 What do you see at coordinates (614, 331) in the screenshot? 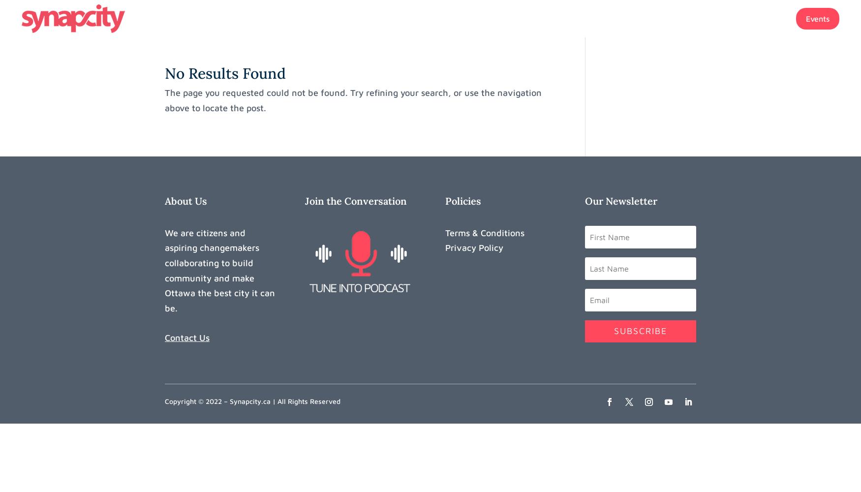
I see `'Subscribe'` at bounding box center [614, 331].